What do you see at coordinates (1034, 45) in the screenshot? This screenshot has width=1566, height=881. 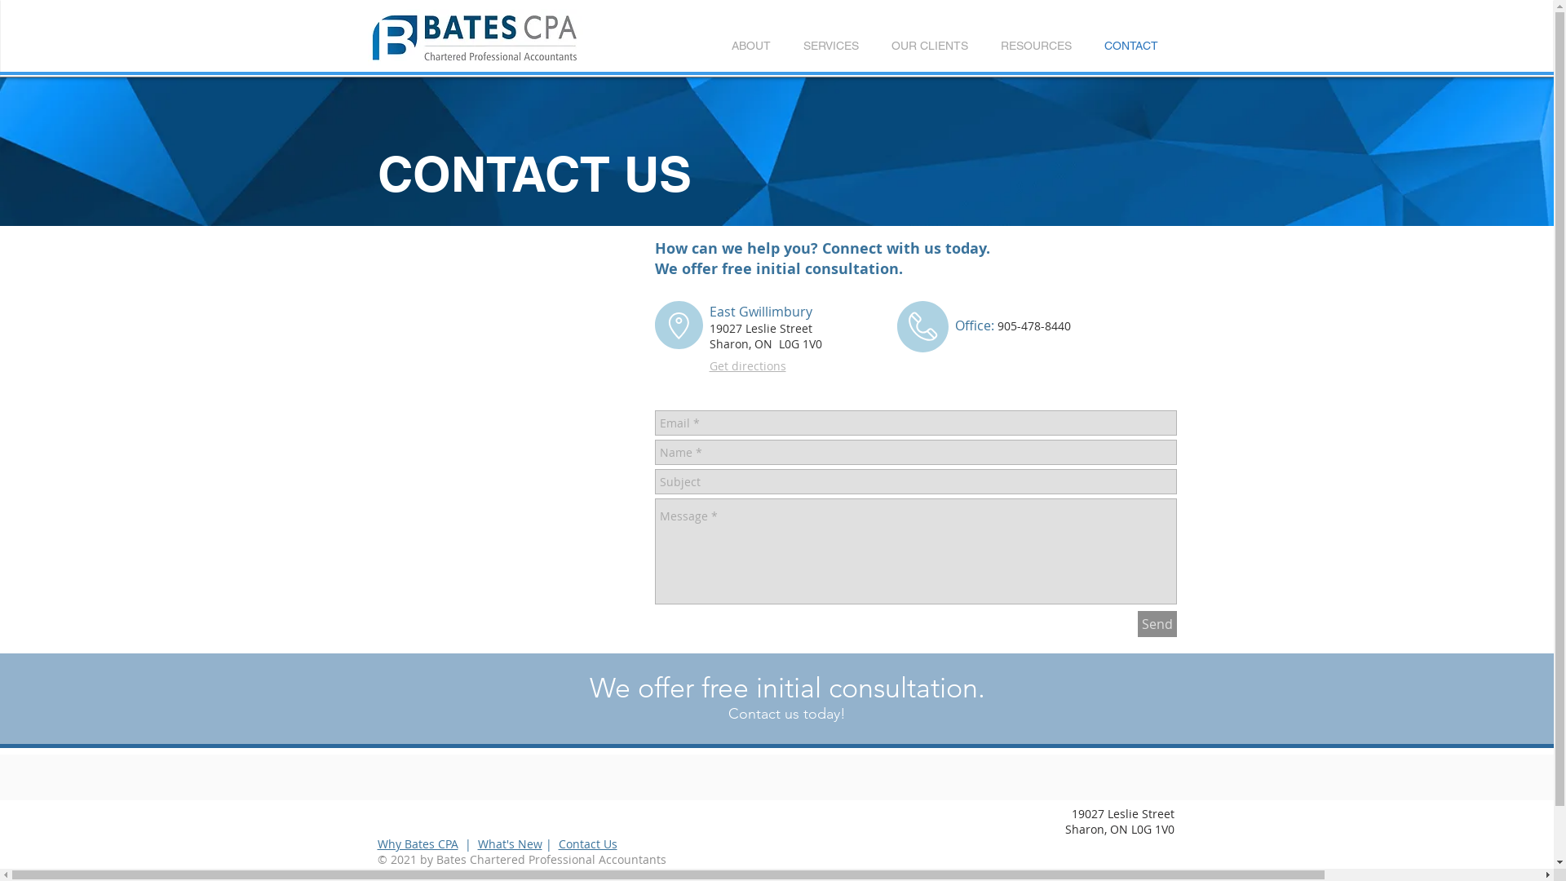 I see `'RESOURCES'` at bounding box center [1034, 45].